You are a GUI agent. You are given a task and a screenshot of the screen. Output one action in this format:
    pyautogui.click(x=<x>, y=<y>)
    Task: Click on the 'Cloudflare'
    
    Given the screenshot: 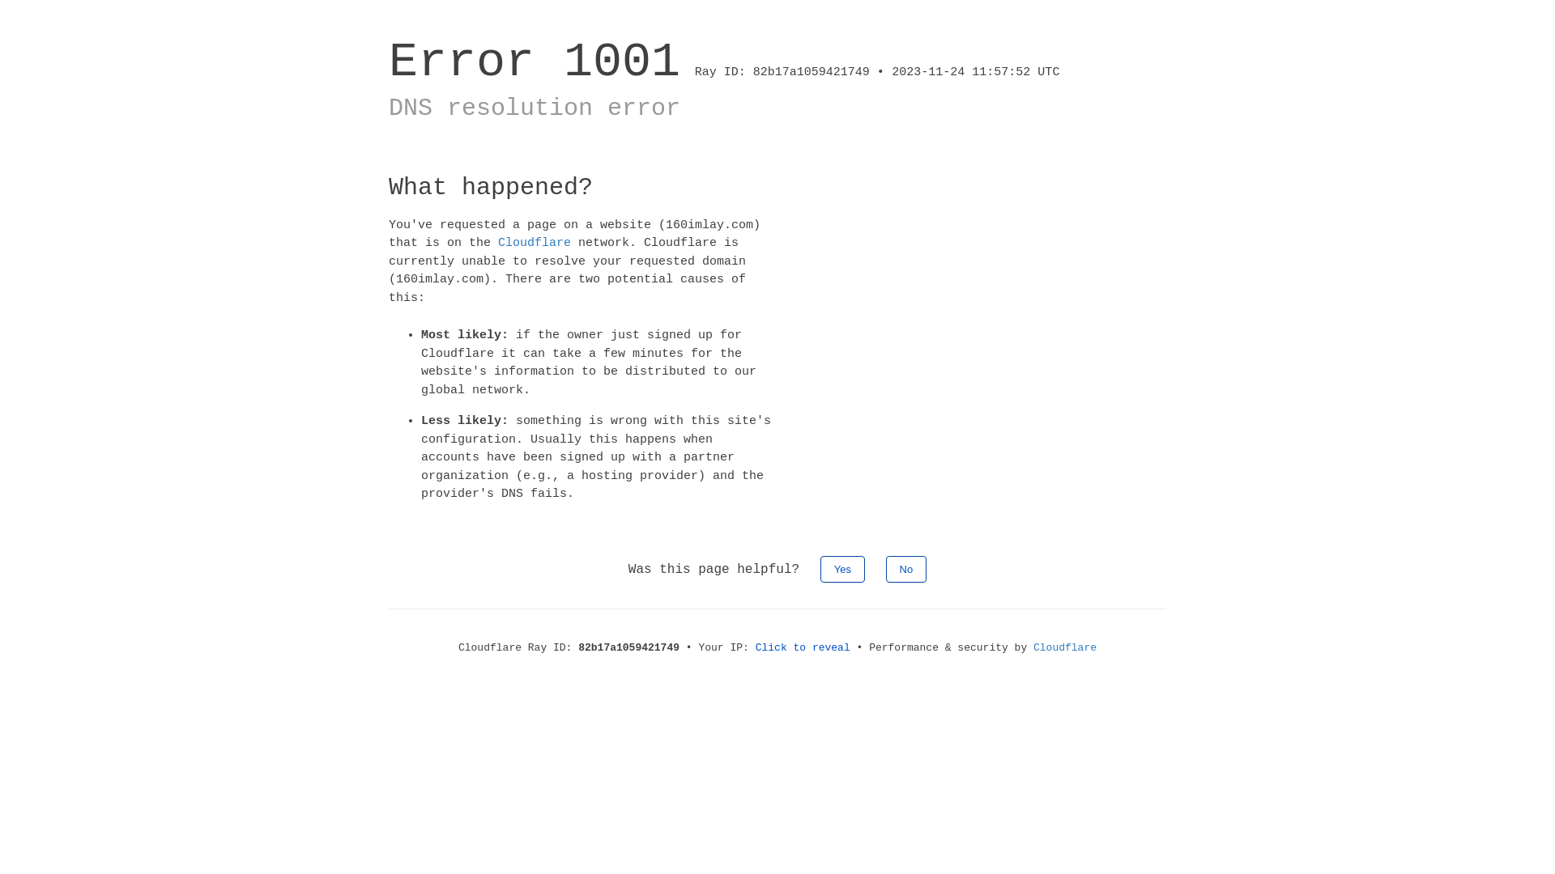 What is the action you would take?
    pyautogui.click(x=1033, y=646)
    